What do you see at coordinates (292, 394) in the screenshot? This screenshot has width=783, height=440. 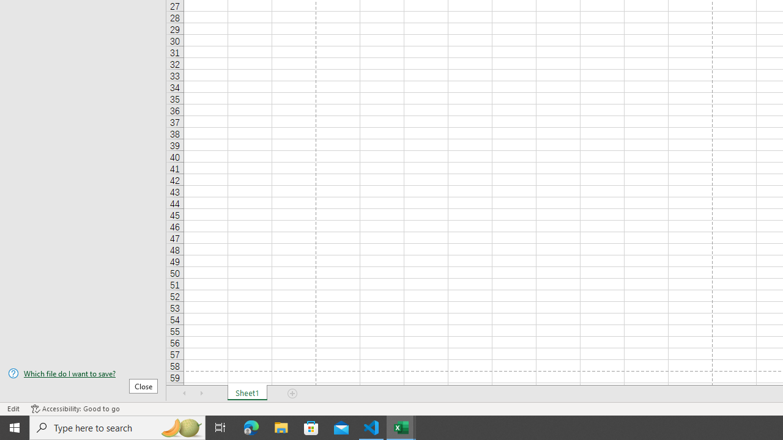 I see `'Add Sheet'` at bounding box center [292, 394].